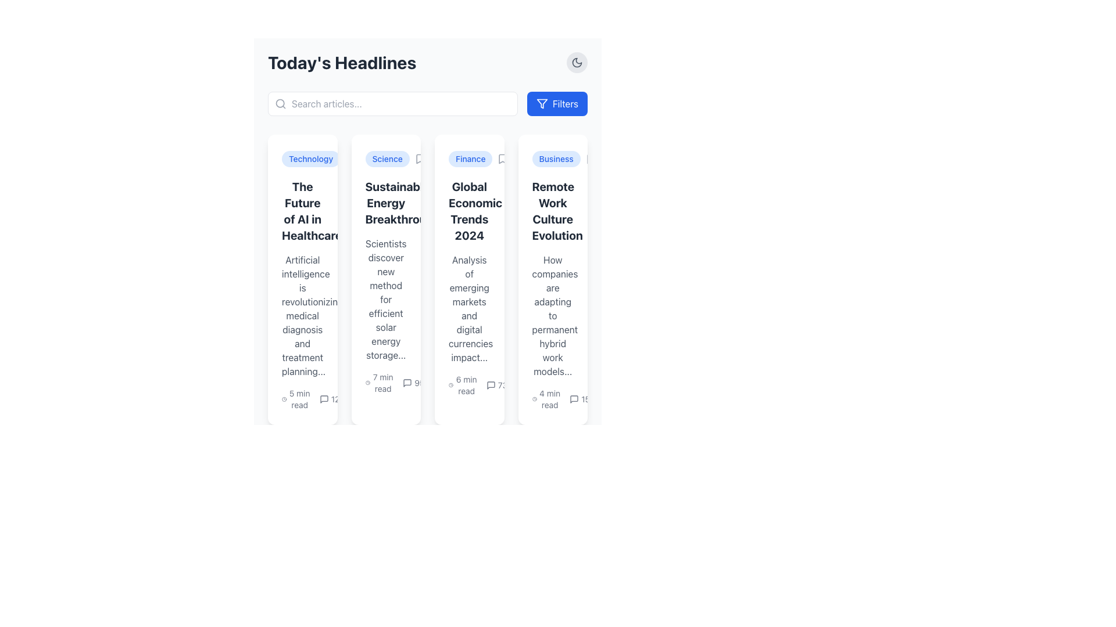 This screenshot has height=627, width=1116. What do you see at coordinates (395, 383) in the screenshot?
I see `the informational label displaying '7 min read 95' with icons, located below the heading 'Sustainable Energy Breakthrough' in the second column of the layout to read the details` at bounding box center [395, 383].